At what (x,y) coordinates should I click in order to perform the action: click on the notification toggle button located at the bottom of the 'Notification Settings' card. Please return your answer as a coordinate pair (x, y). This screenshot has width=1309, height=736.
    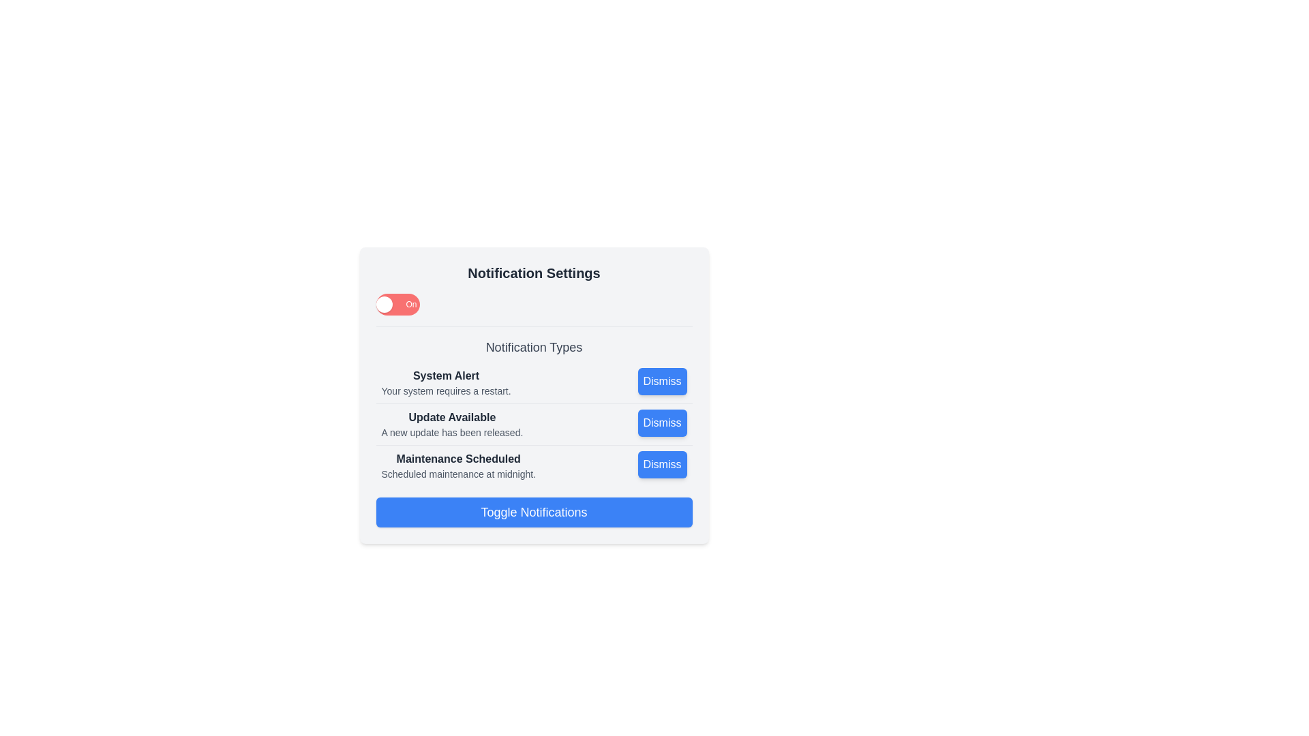
    Looking at the image, I should click on (533, 512).